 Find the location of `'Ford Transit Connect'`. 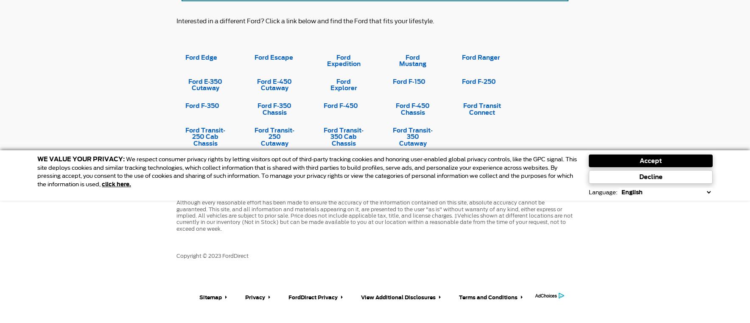

'Ford Transit Connect' is located at coordinates (462, 108).